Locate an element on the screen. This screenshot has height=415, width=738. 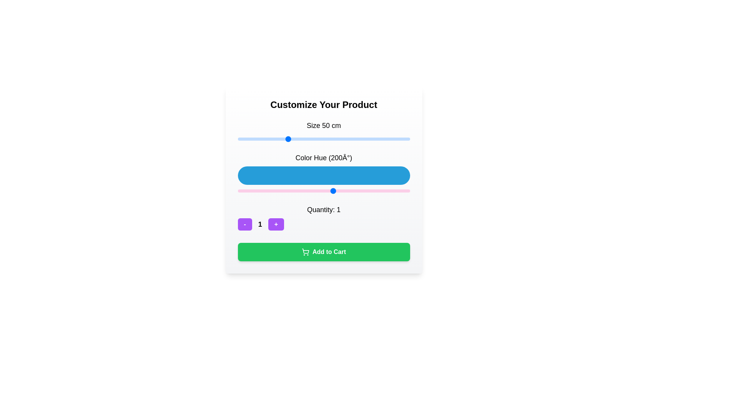
the color hue slider is located at coordinates (361, 191).